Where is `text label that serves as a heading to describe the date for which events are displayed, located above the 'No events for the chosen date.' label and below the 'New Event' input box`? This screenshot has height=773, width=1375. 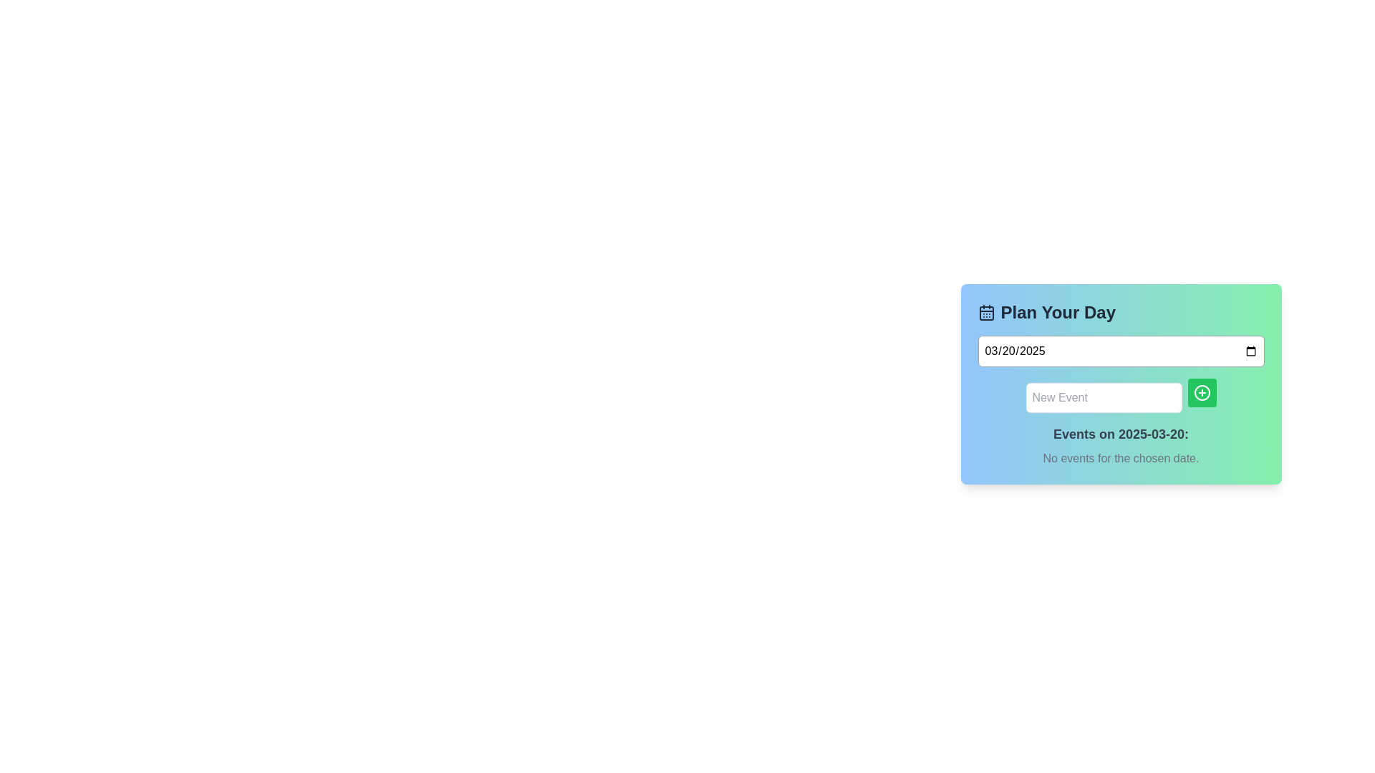
text label that serves as a heading to describe the date for which events are displayed, located above the 'No events for the chosen date.' label and below the 'New Event' input box is located at coordinates (1120, 433).